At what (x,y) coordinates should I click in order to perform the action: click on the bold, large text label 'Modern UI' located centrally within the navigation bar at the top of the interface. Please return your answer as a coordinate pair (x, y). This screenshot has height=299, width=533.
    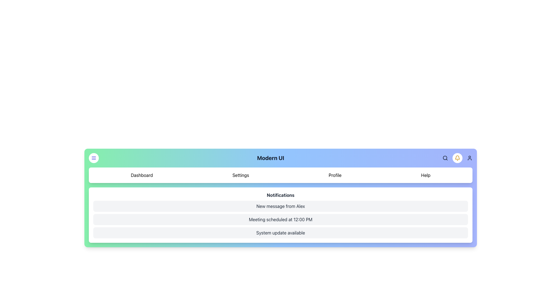
    Looking at the image, I should click on (270, 158).